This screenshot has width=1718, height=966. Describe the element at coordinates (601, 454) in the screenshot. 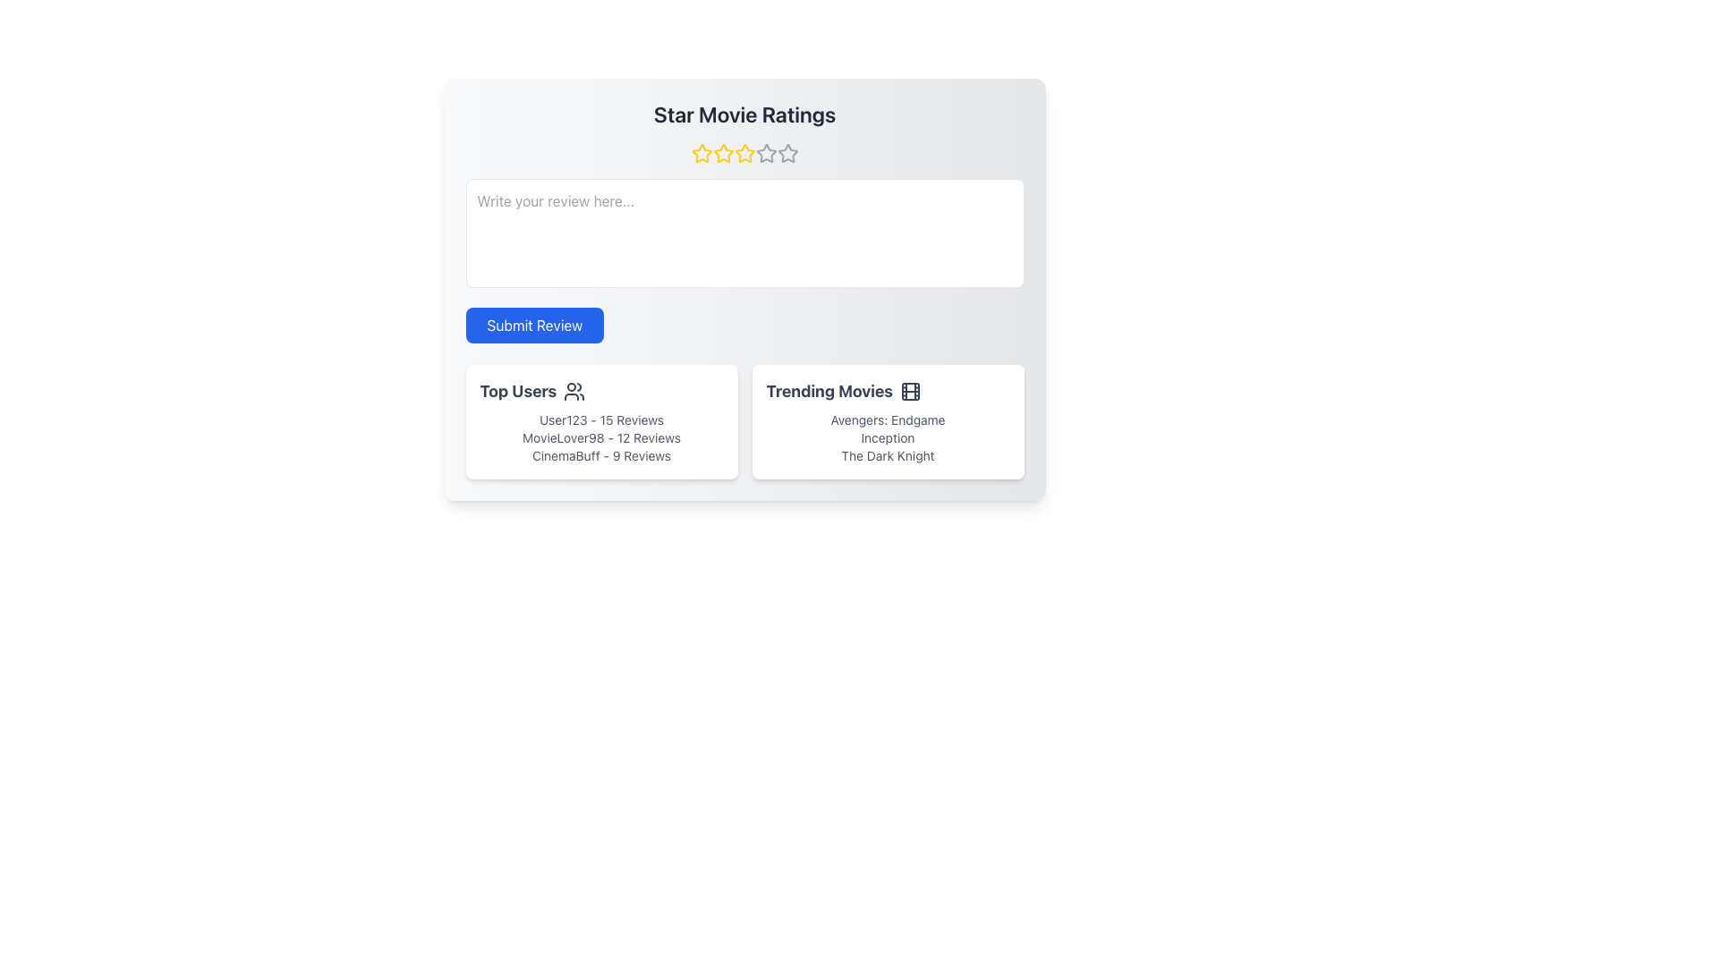

I see `the third Text Label in the 'Top Users' section, which displays a user's name and review count, to gain more information` at that location.